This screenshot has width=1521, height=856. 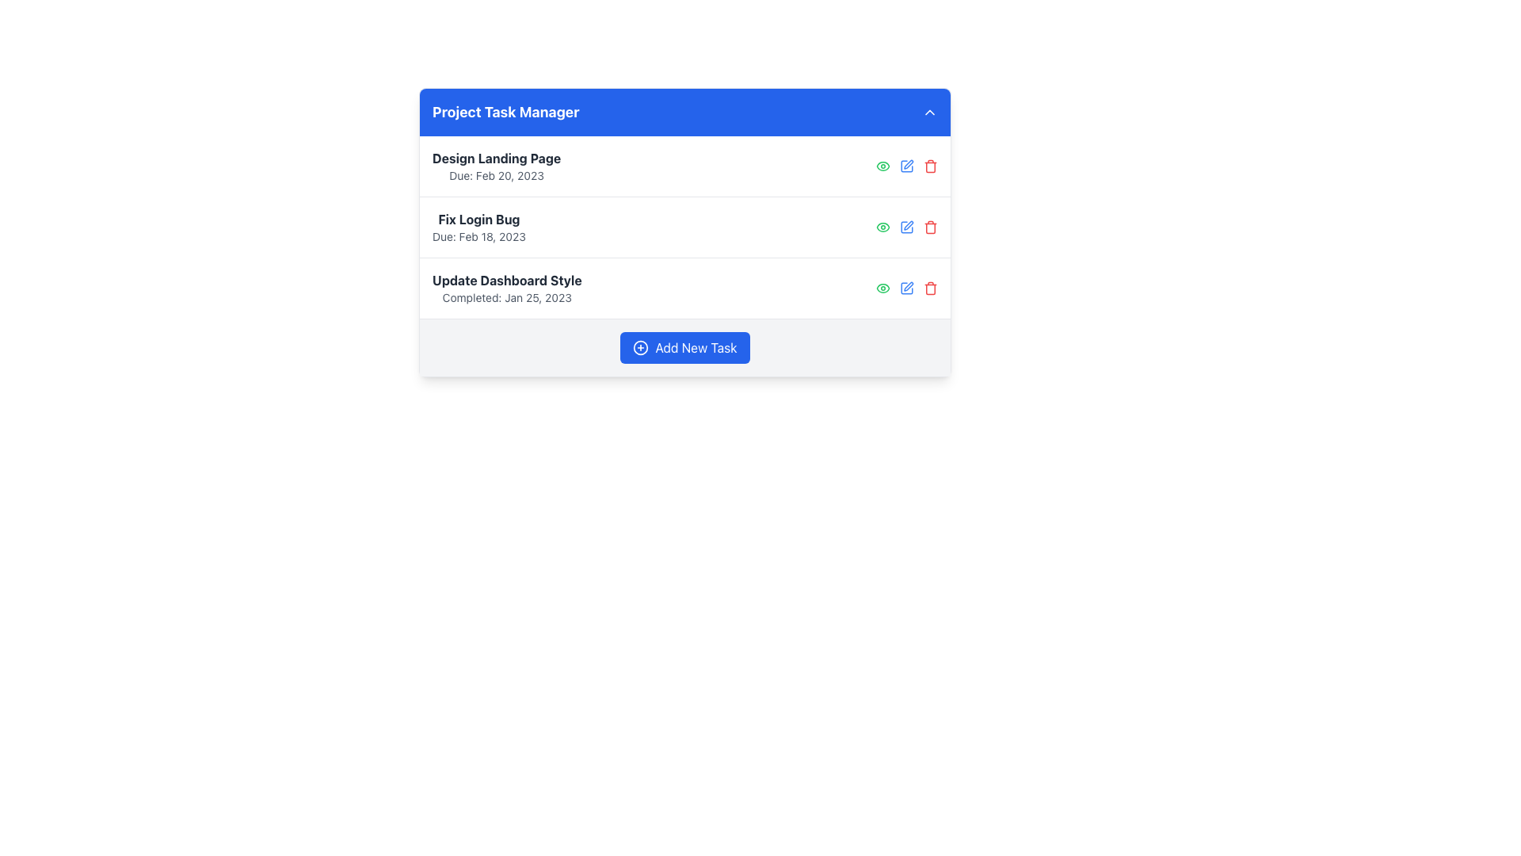 What do you see at coordinates (907, 288) in the screenshot?
I see `the blue pencil icon located to the right of the text 'Update Dashboard Style, Completed: Jan 25, 2023' in the third row of the list` at bounding box center [907, 288].